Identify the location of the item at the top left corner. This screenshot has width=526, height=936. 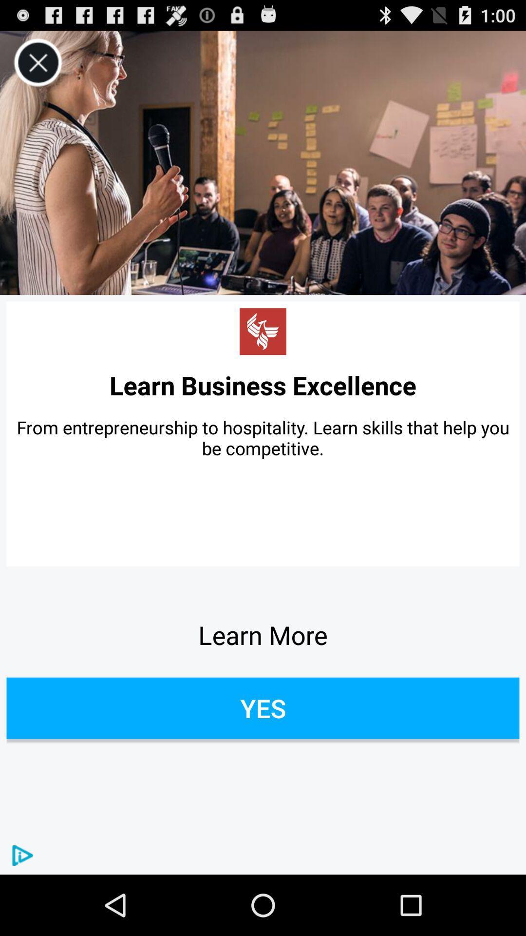
(38, 62).